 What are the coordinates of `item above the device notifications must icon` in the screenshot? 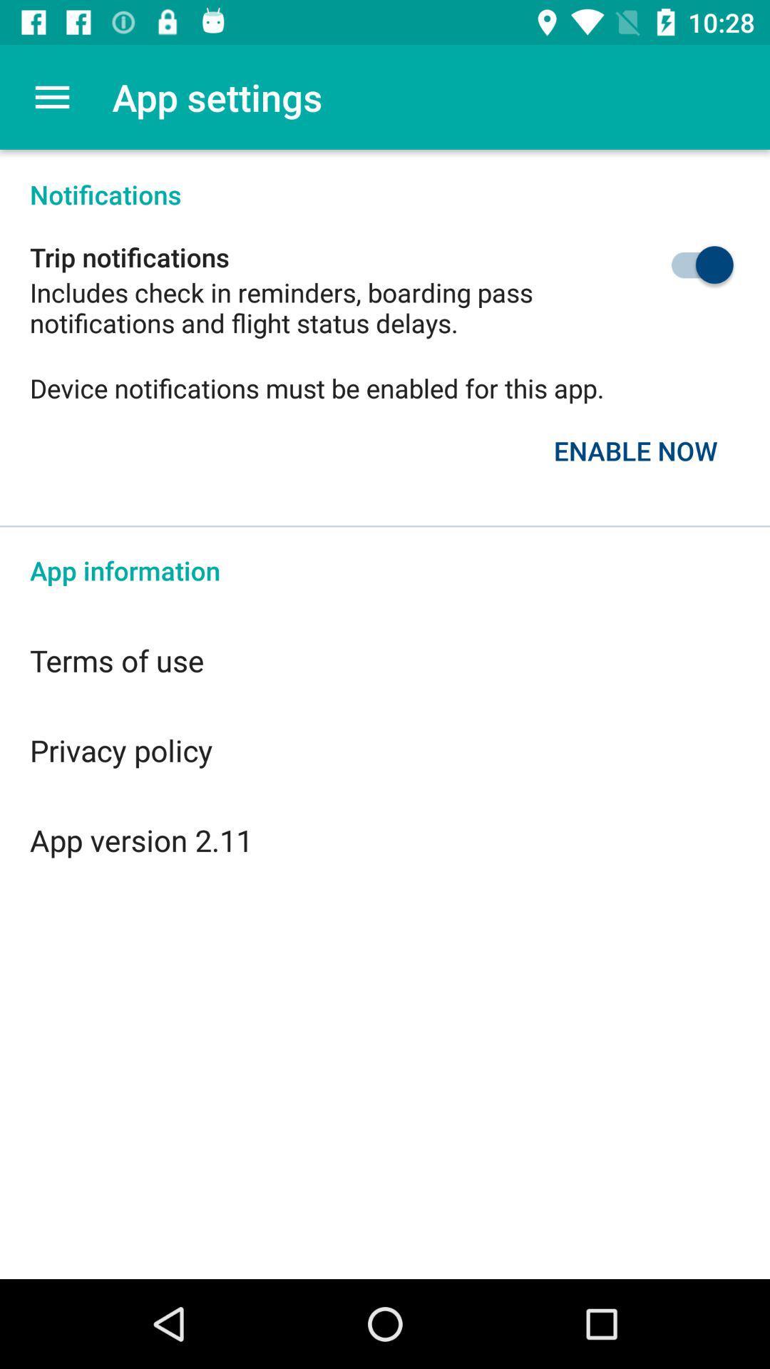 It's located at (669, 265).